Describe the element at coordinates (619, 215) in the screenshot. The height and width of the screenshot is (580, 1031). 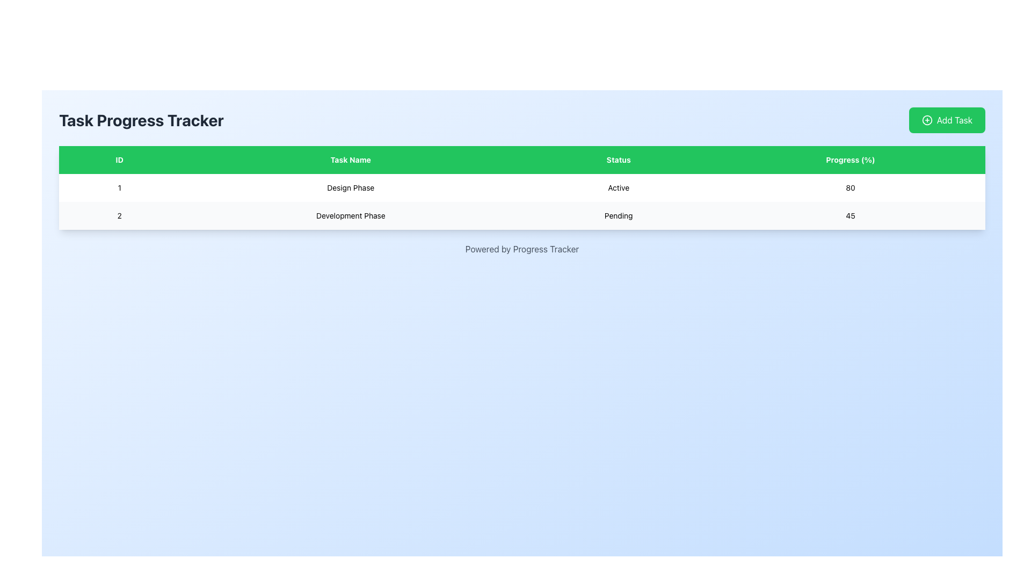
I see `the static text element indicating the status of a task, which displays 'Pending', located in the third column labeled 'Status' and second row of the table` at that location.